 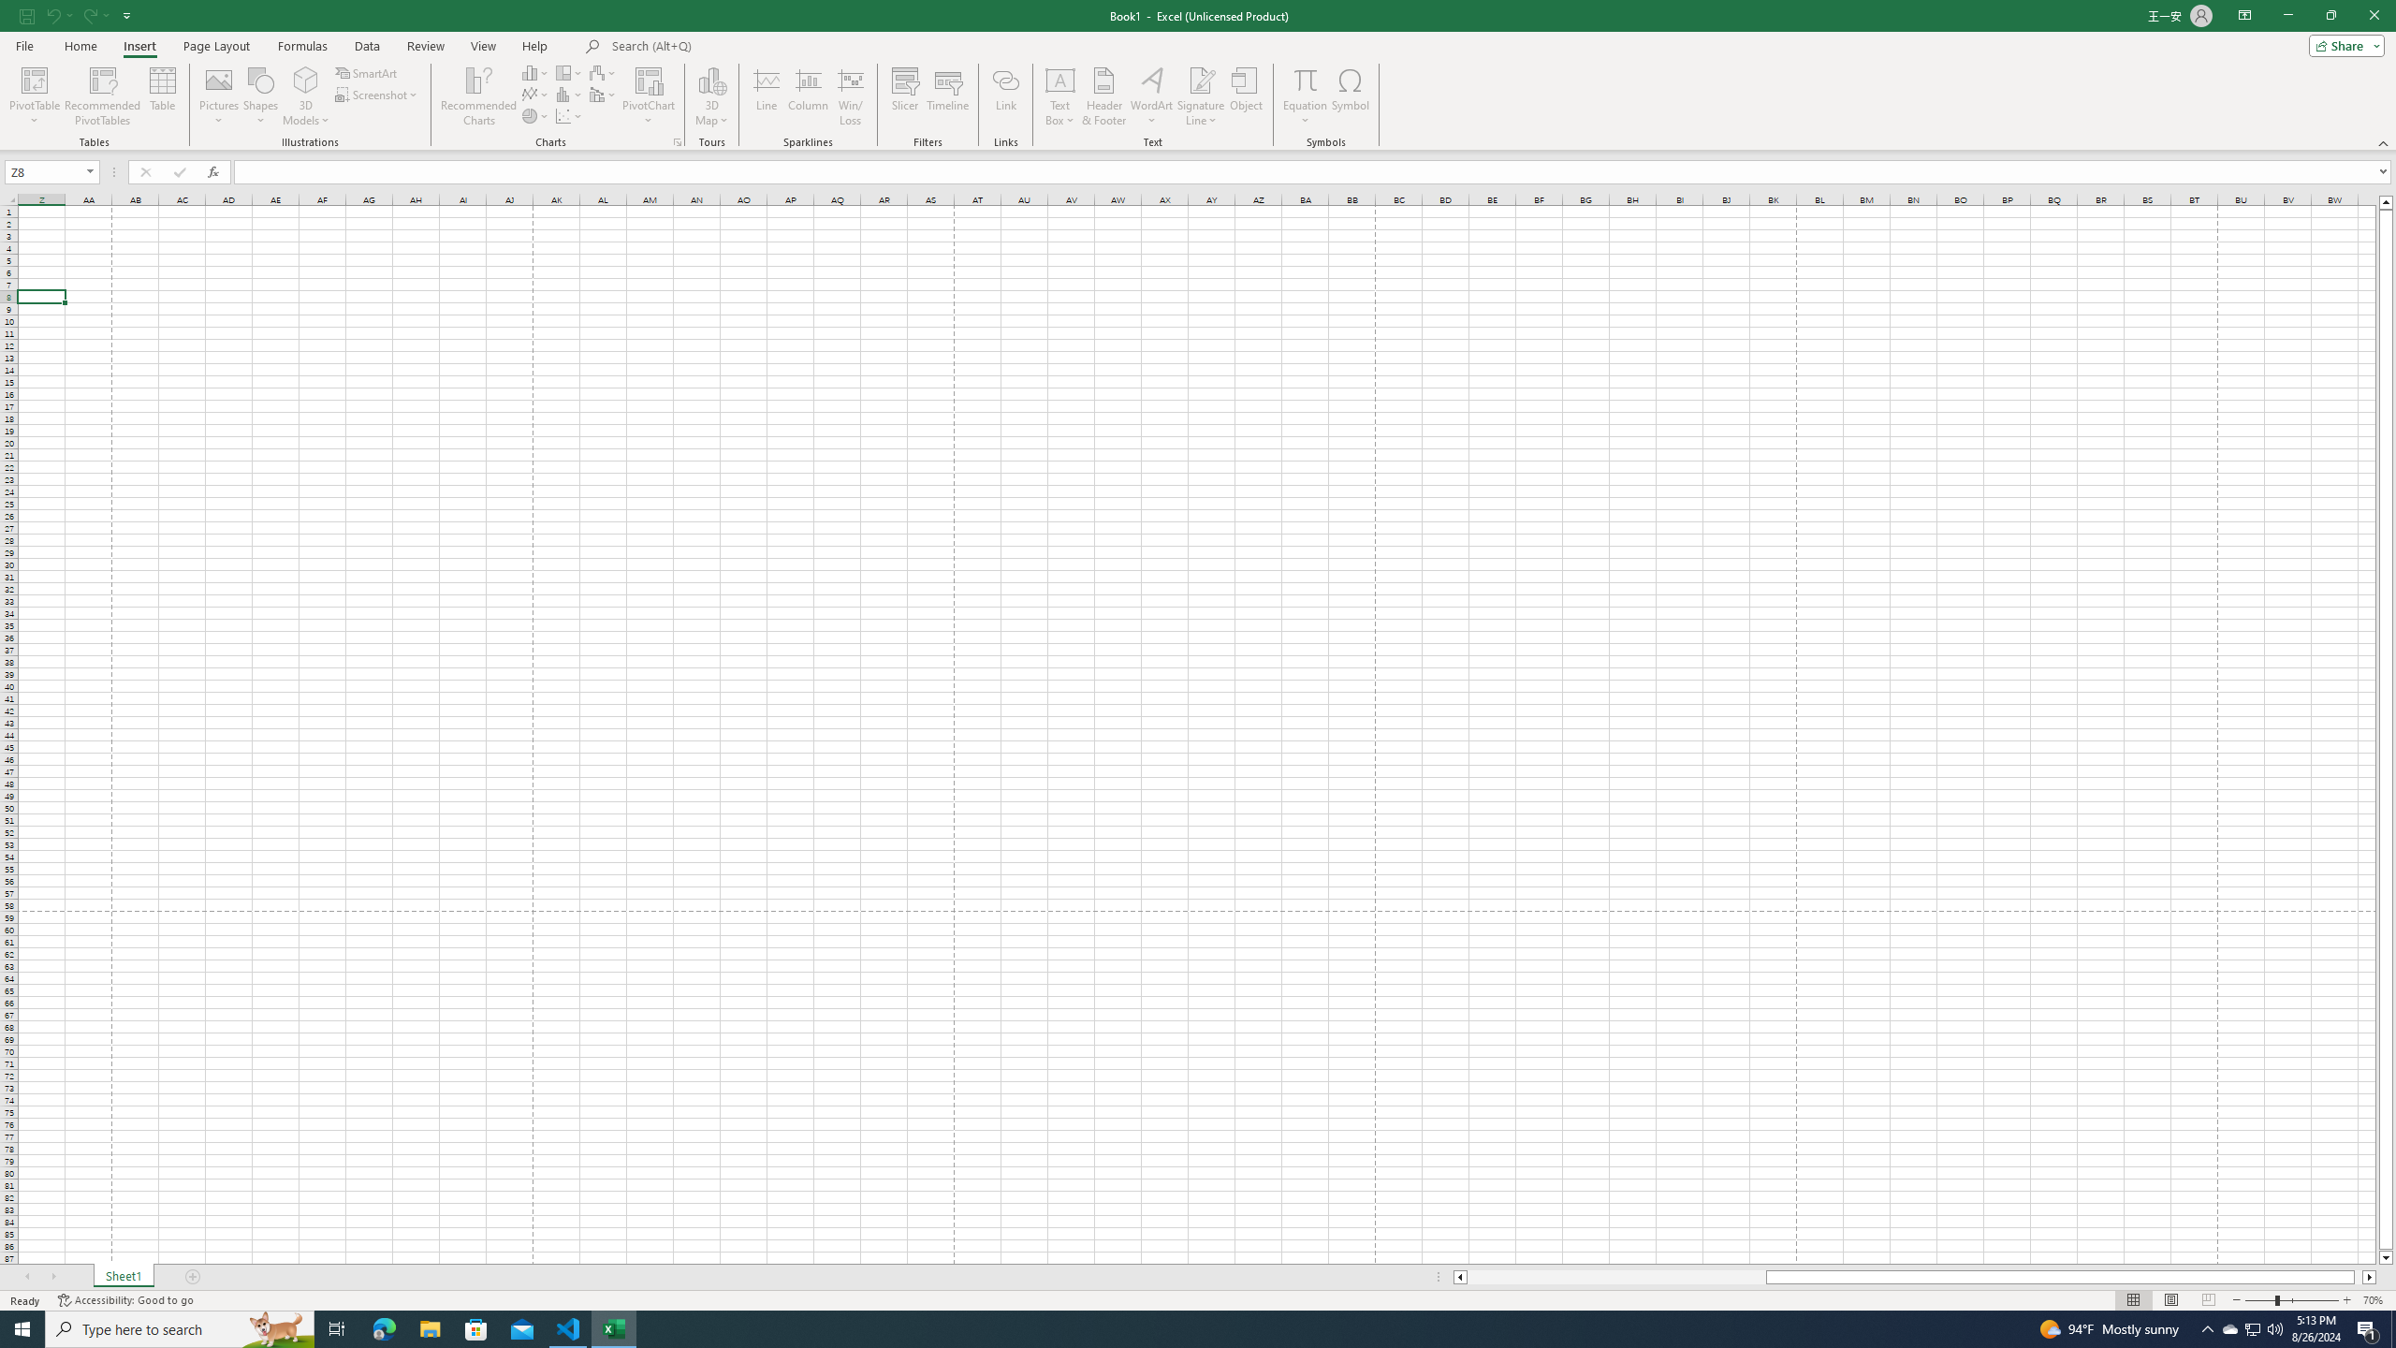 What do you see at coordinates (377, 93) in the screenshot?
I see `'Screenshot'` at bounding box center [377, 93].